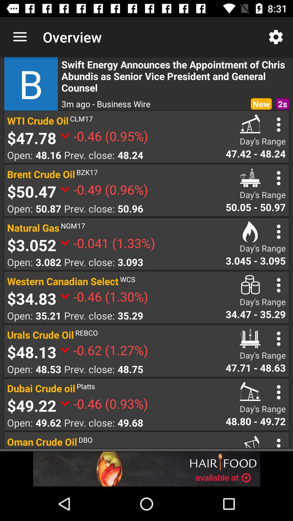 The height and width of the screenshot is (521, 293). What do you see at coordinates (279, 392) in the screenshot?
I see `menu option` at bounding box center [279, 392].